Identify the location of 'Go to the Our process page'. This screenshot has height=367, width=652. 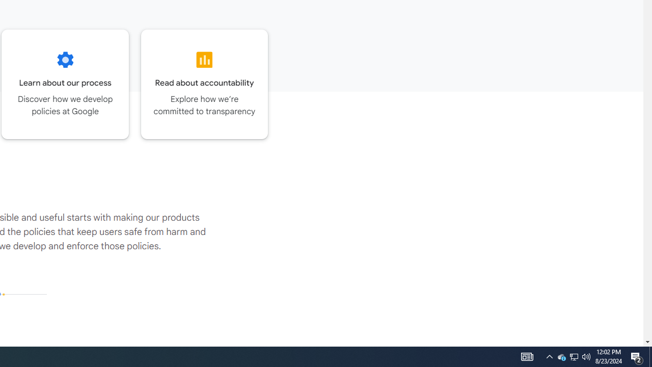
(65, 84).